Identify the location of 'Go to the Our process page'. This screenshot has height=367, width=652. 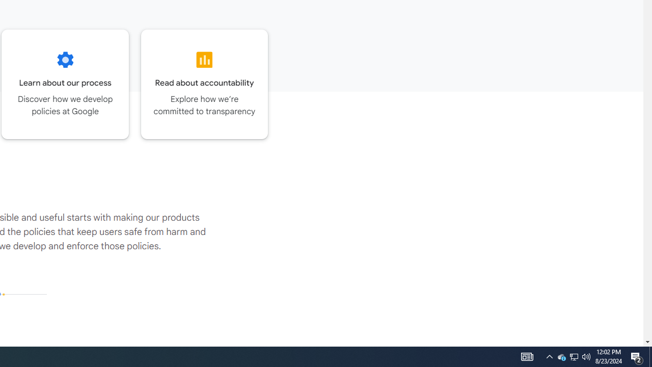
(65, 84).